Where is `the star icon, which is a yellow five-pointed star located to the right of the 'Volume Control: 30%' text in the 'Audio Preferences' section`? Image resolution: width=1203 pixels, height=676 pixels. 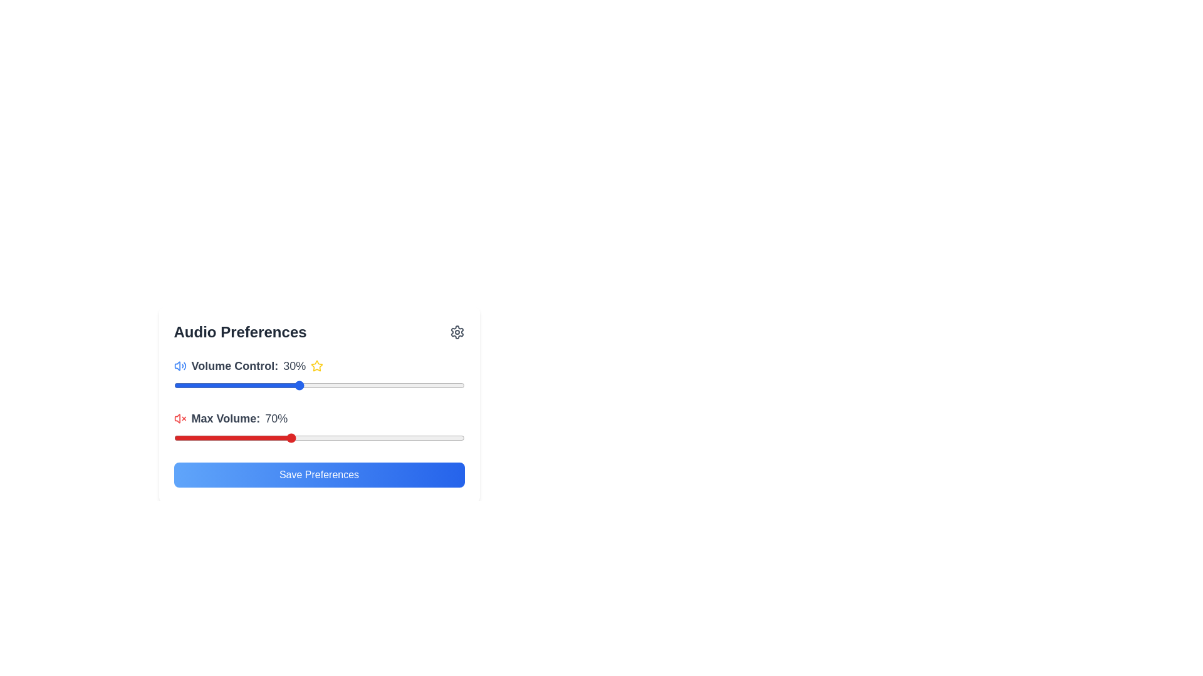 the star icon, which is a yellow five-pointed star located to the right of the 'Volume Control: 30%' text in the 'Audio Preferences' section is located at coordinates (317, 366).